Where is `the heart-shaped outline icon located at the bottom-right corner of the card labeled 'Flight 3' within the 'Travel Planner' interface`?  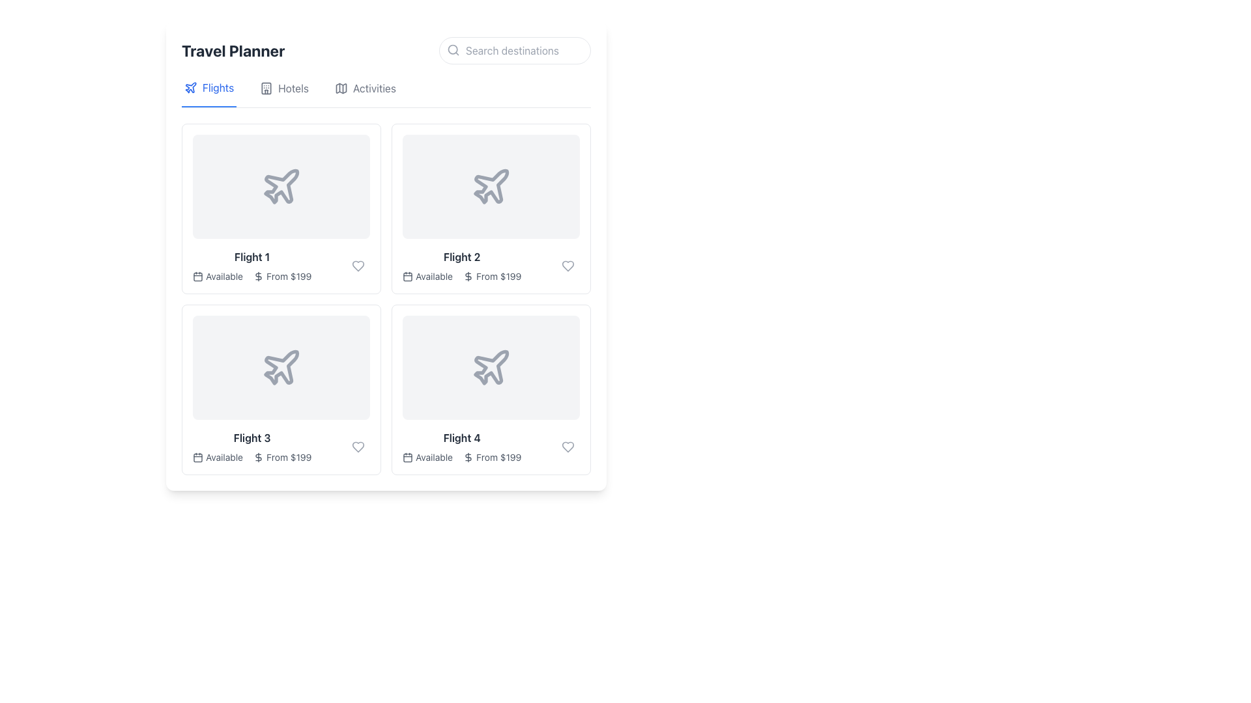
the heart-shaped outline icon located at the bottom-right corner of the card labeled 'Flight 3' within the 'Travel Planner' interface is located at coordinates (358, 446).